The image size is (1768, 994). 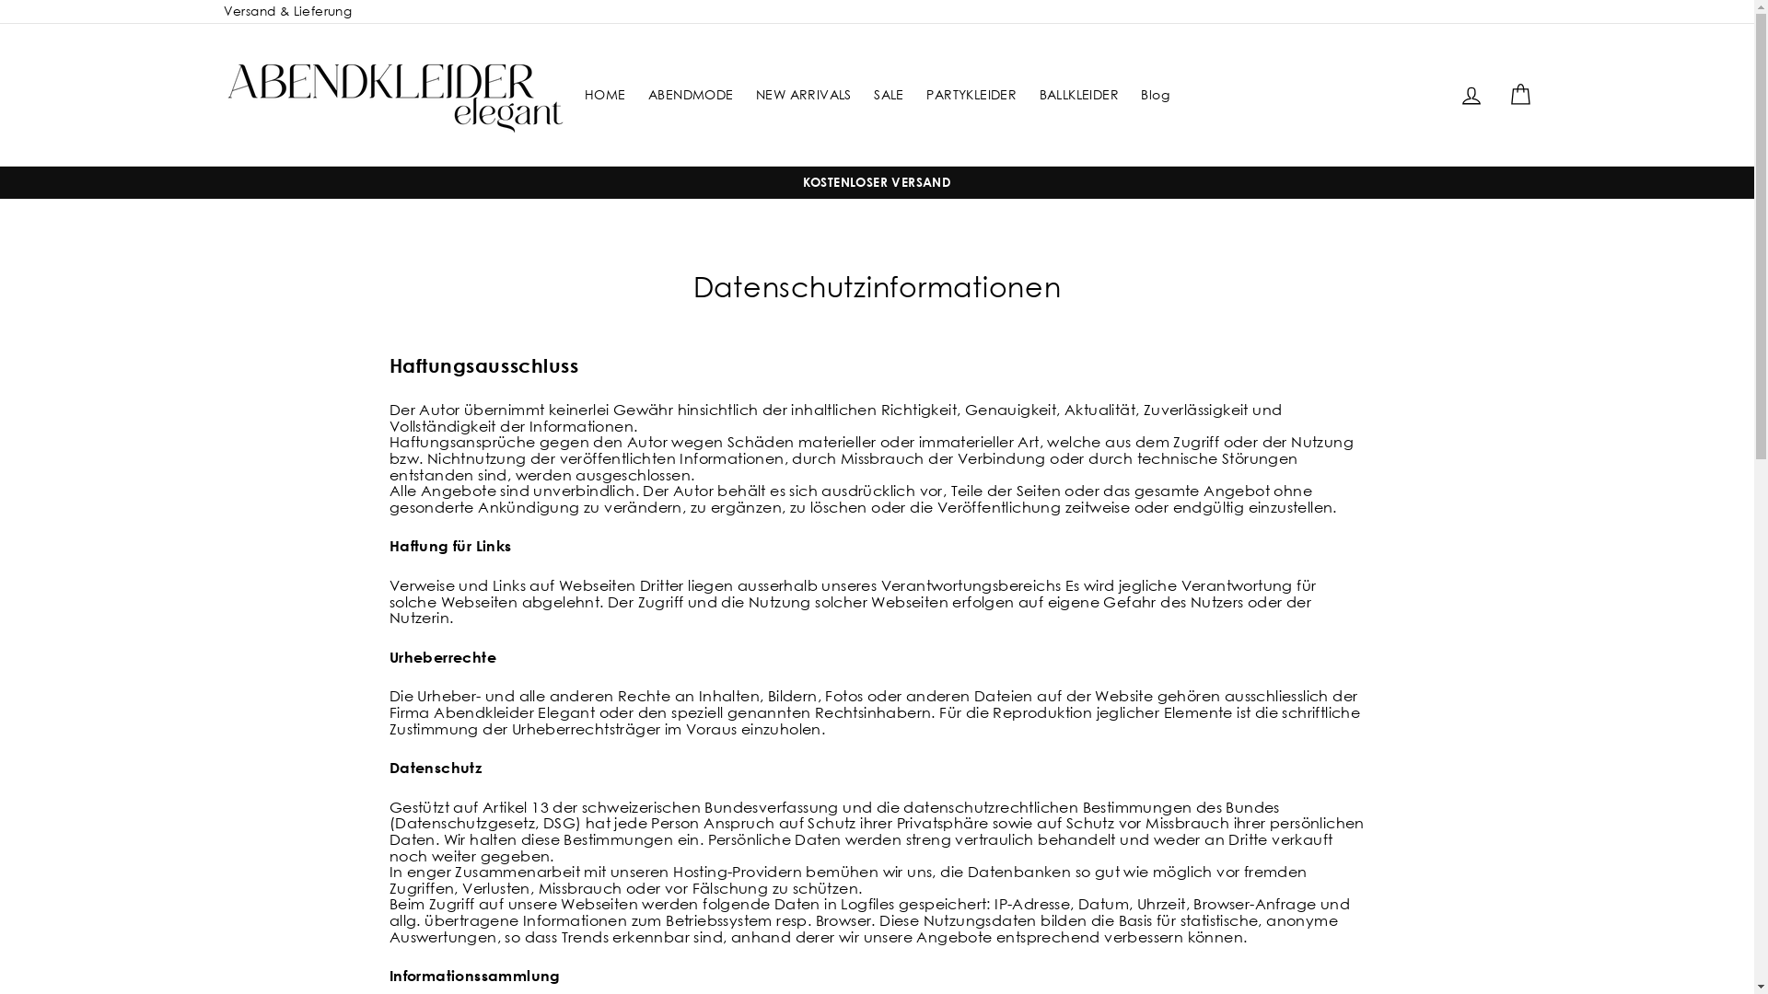 I want to click on 'Einkaufswagen', so click(x=1519, y=94).